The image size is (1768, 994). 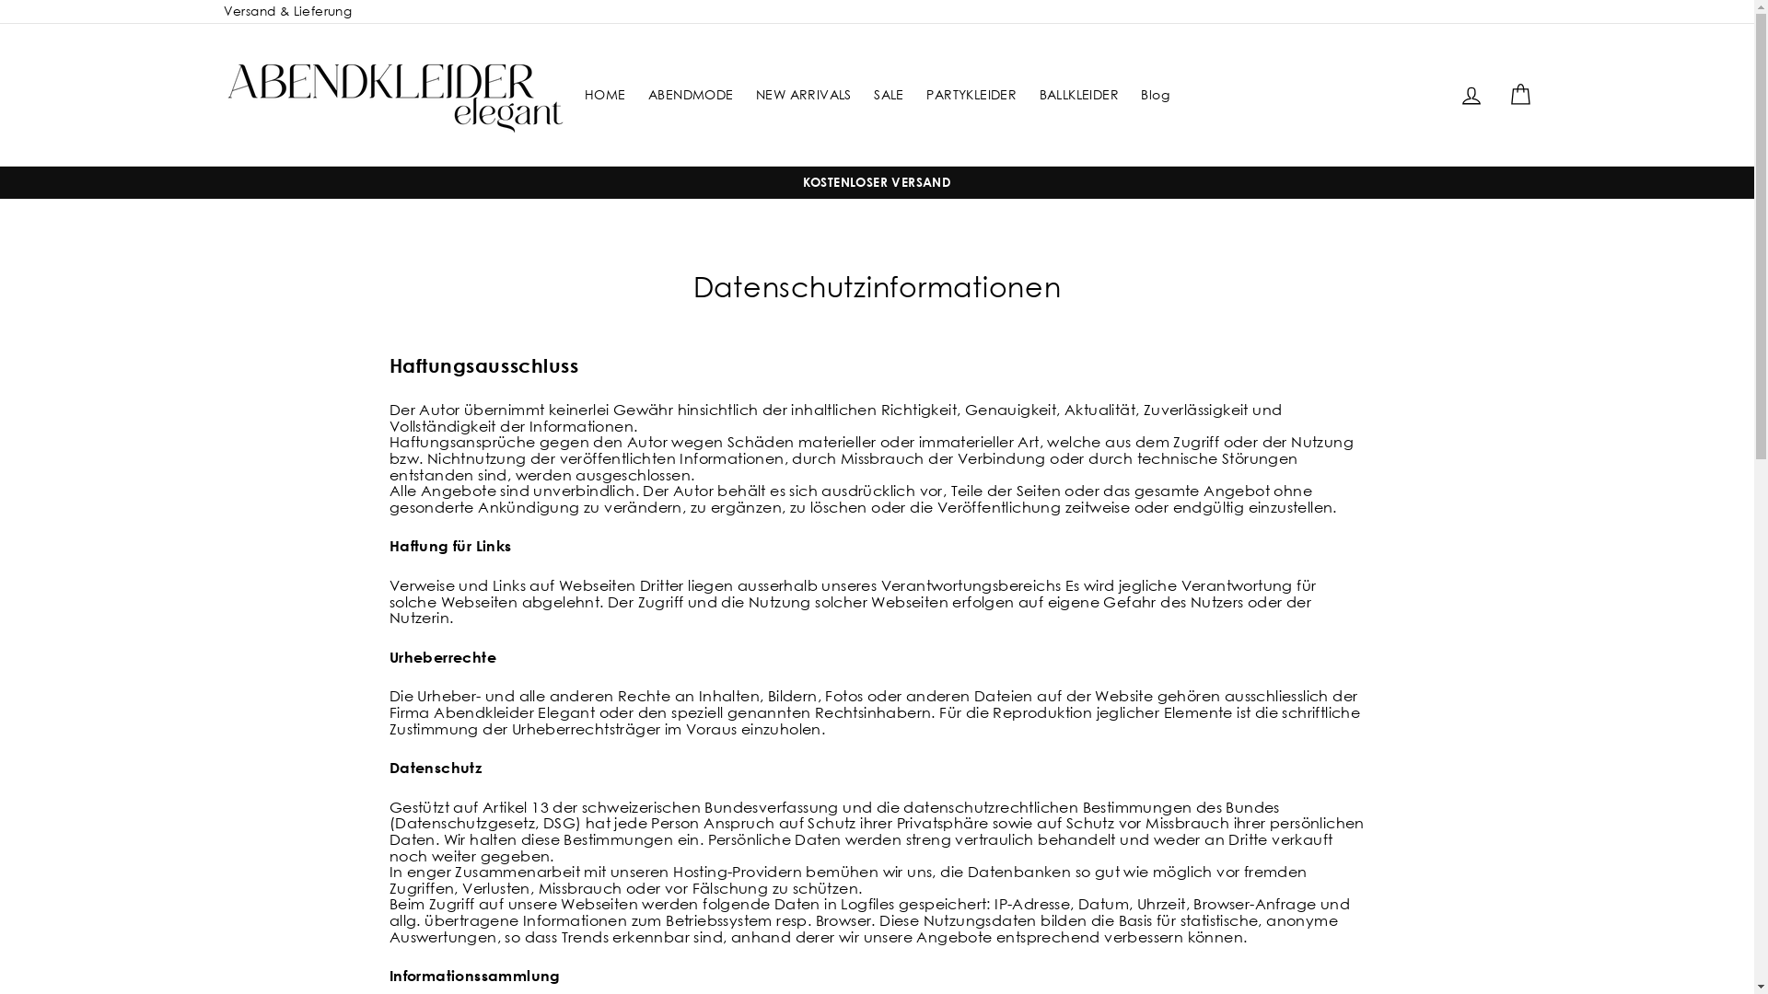 I want to click on 'Einkaufswagen', so click(x=1519, y=94).